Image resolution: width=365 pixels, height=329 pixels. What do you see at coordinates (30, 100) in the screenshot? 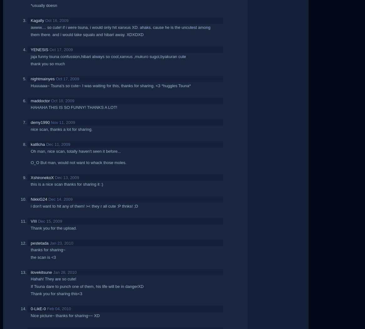
I see `'maddoctor'` at bounding box center [30, 100].